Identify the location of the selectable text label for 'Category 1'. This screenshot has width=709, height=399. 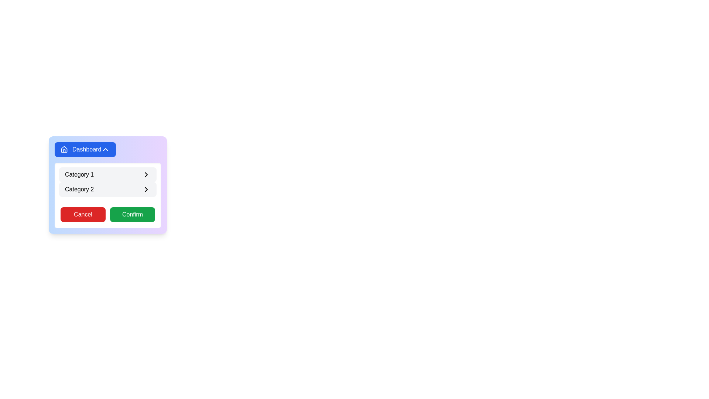
(79, 175).